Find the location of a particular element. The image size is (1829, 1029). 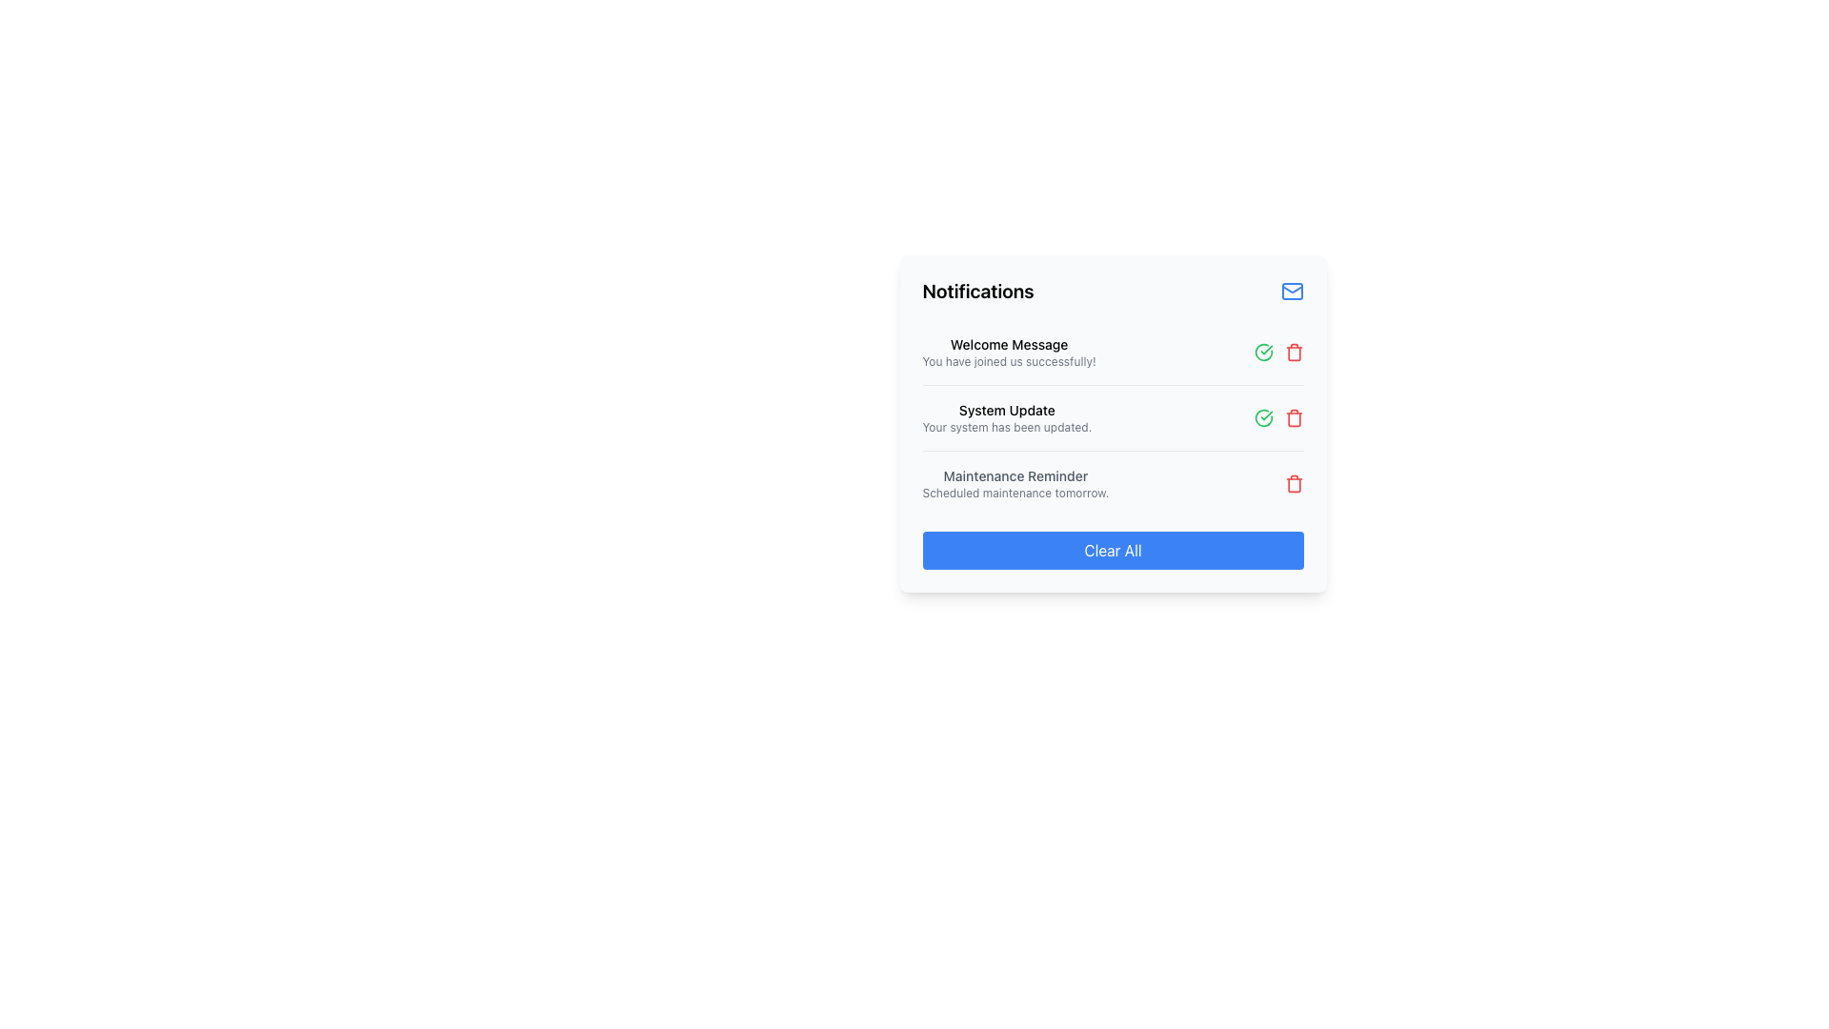

announcement from the 'Maintenance Reminder' notification card, which contains the title in bold and the message about scheduled maintenance is located at coordinates (1113, 482).